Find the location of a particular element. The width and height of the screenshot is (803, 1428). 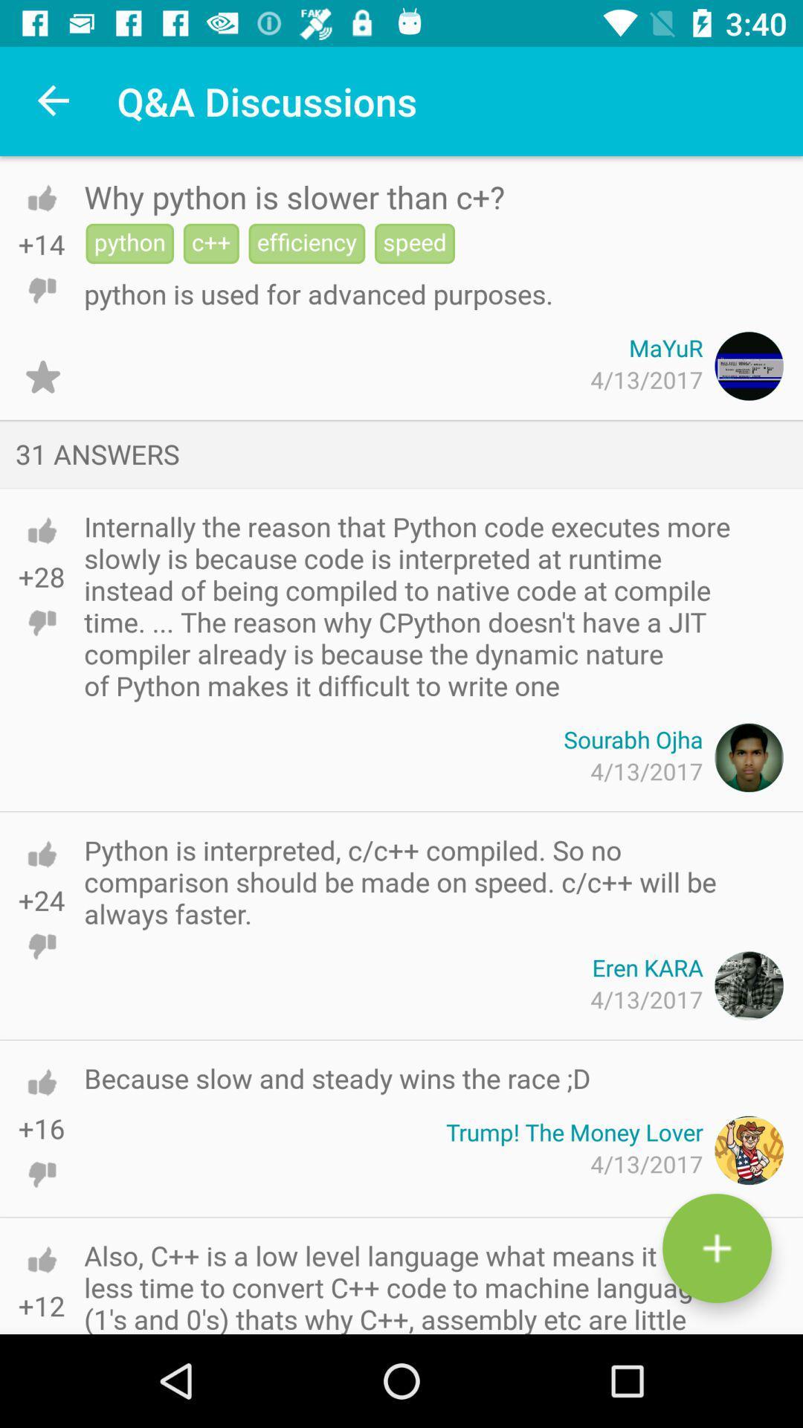

he can activate the simple voice command is located at coordinates (41, 623).